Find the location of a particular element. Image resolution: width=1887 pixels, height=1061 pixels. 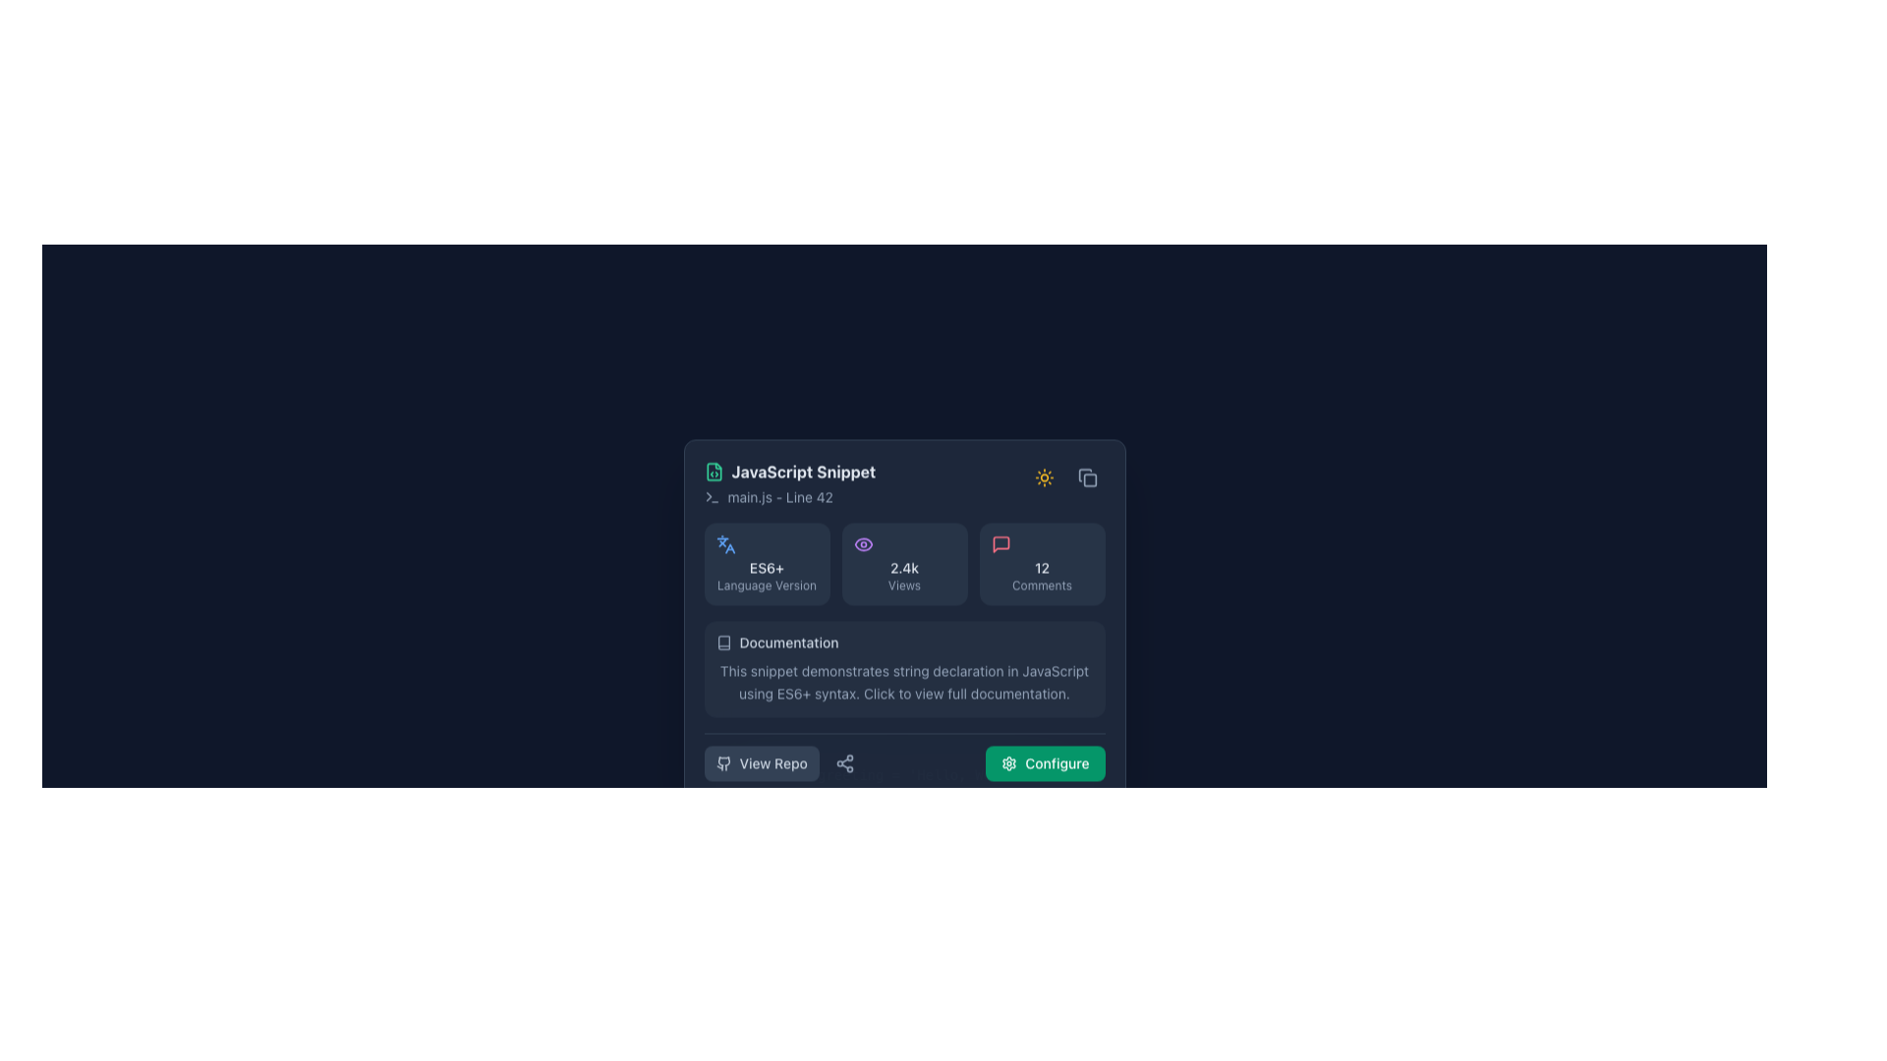

the SVG Graphic Rectangle located in the top-right corner of the copy icon if interactivity is enabled is located at coordinates (1088, 480).